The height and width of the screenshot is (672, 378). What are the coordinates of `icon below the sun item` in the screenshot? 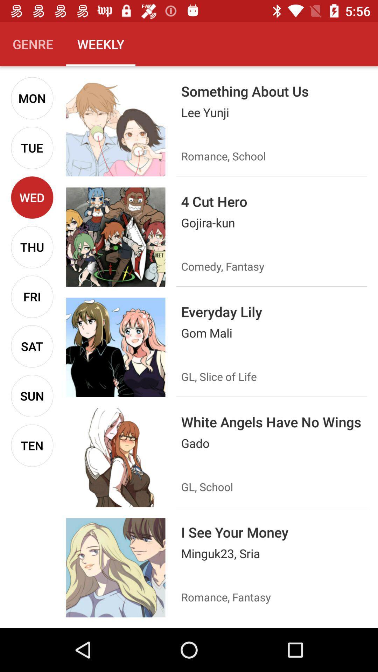 It's located at (32, 445).